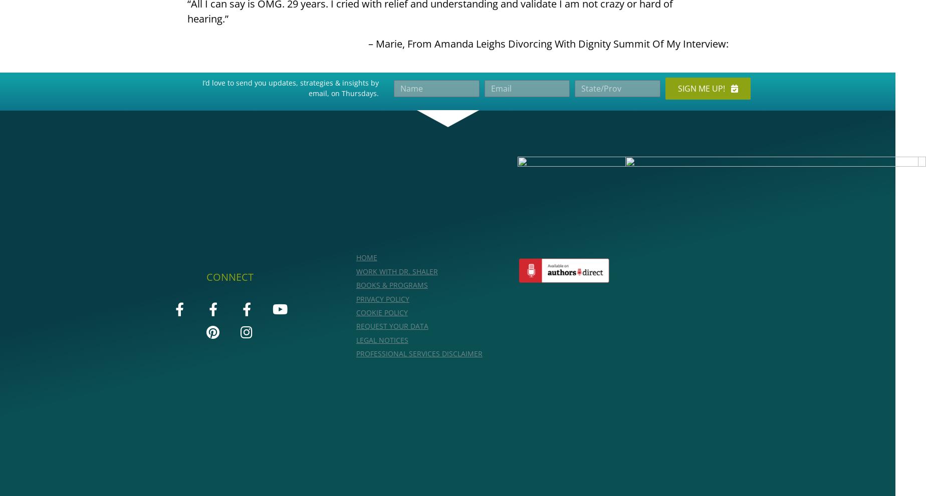  Describe the element at coordinates (382, 298) in the screenshot. I see `'Privacy Policy'` at that location.